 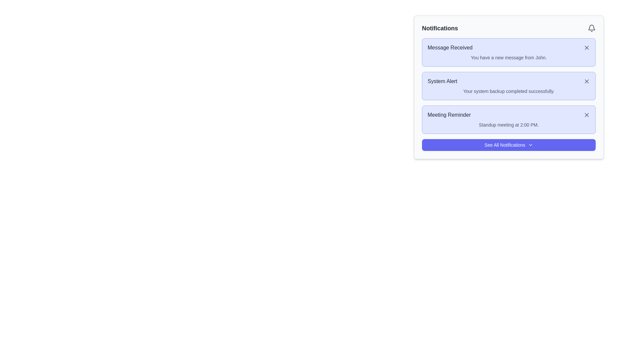 I want to click on the 'System Alert' text label, which is styled with medium font weight and gray color, located in the second notification block of the notification panel, so click(x=442, y=81).